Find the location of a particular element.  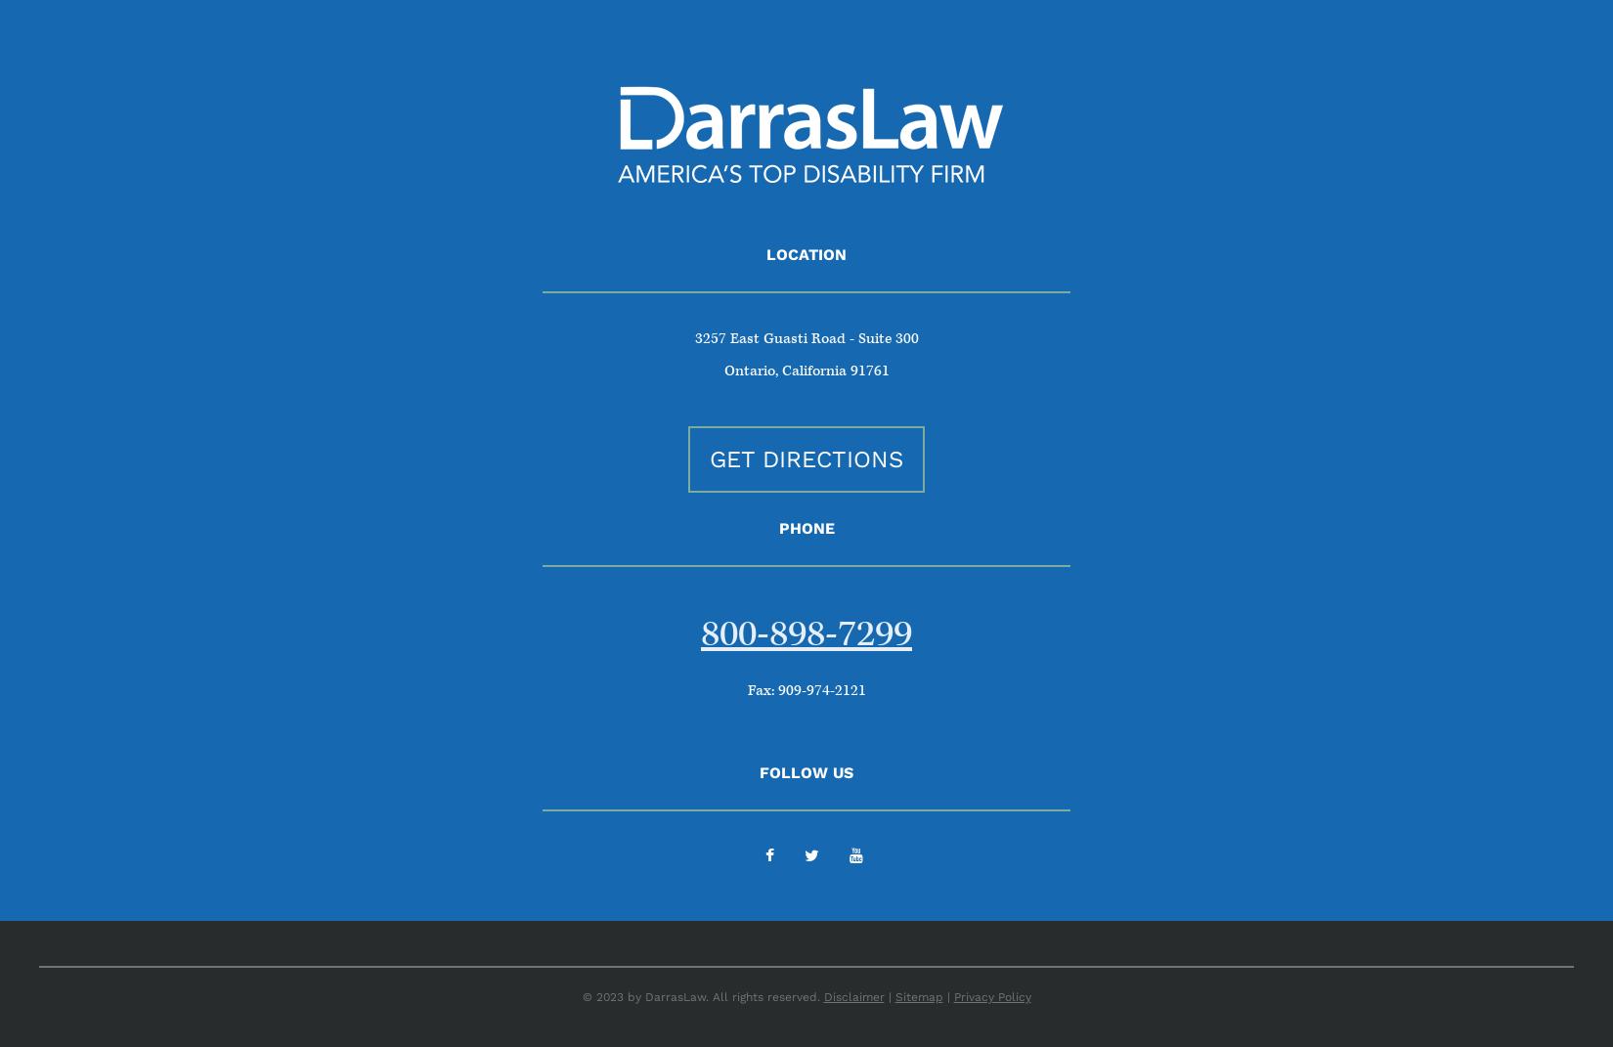

'Disclaimer' is located at coordinates (822, 995).